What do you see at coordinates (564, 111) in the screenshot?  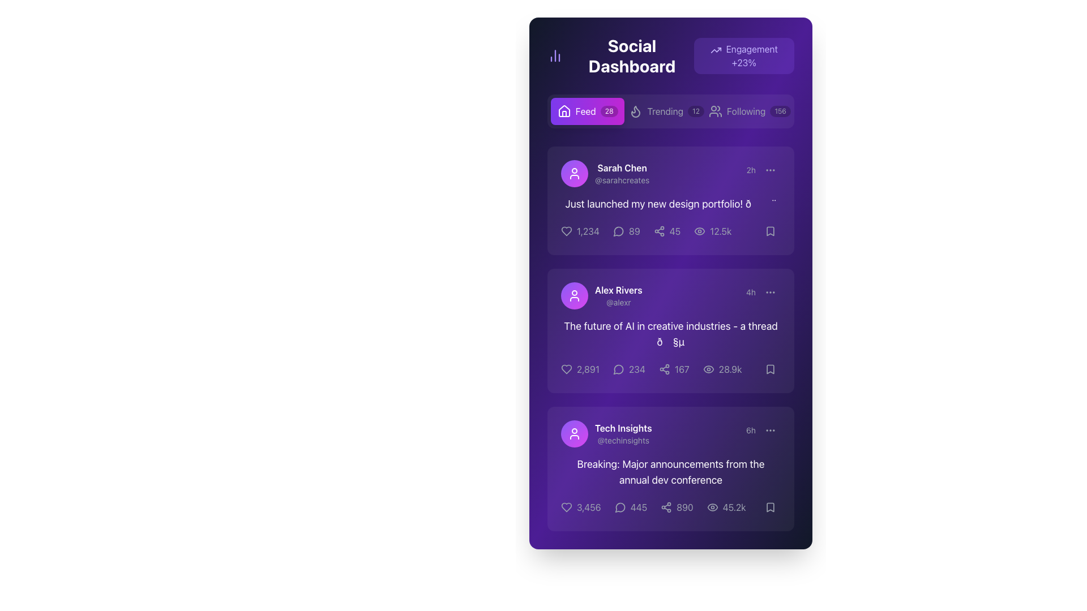 I see `the house icon` at bounding box center [564, 111].